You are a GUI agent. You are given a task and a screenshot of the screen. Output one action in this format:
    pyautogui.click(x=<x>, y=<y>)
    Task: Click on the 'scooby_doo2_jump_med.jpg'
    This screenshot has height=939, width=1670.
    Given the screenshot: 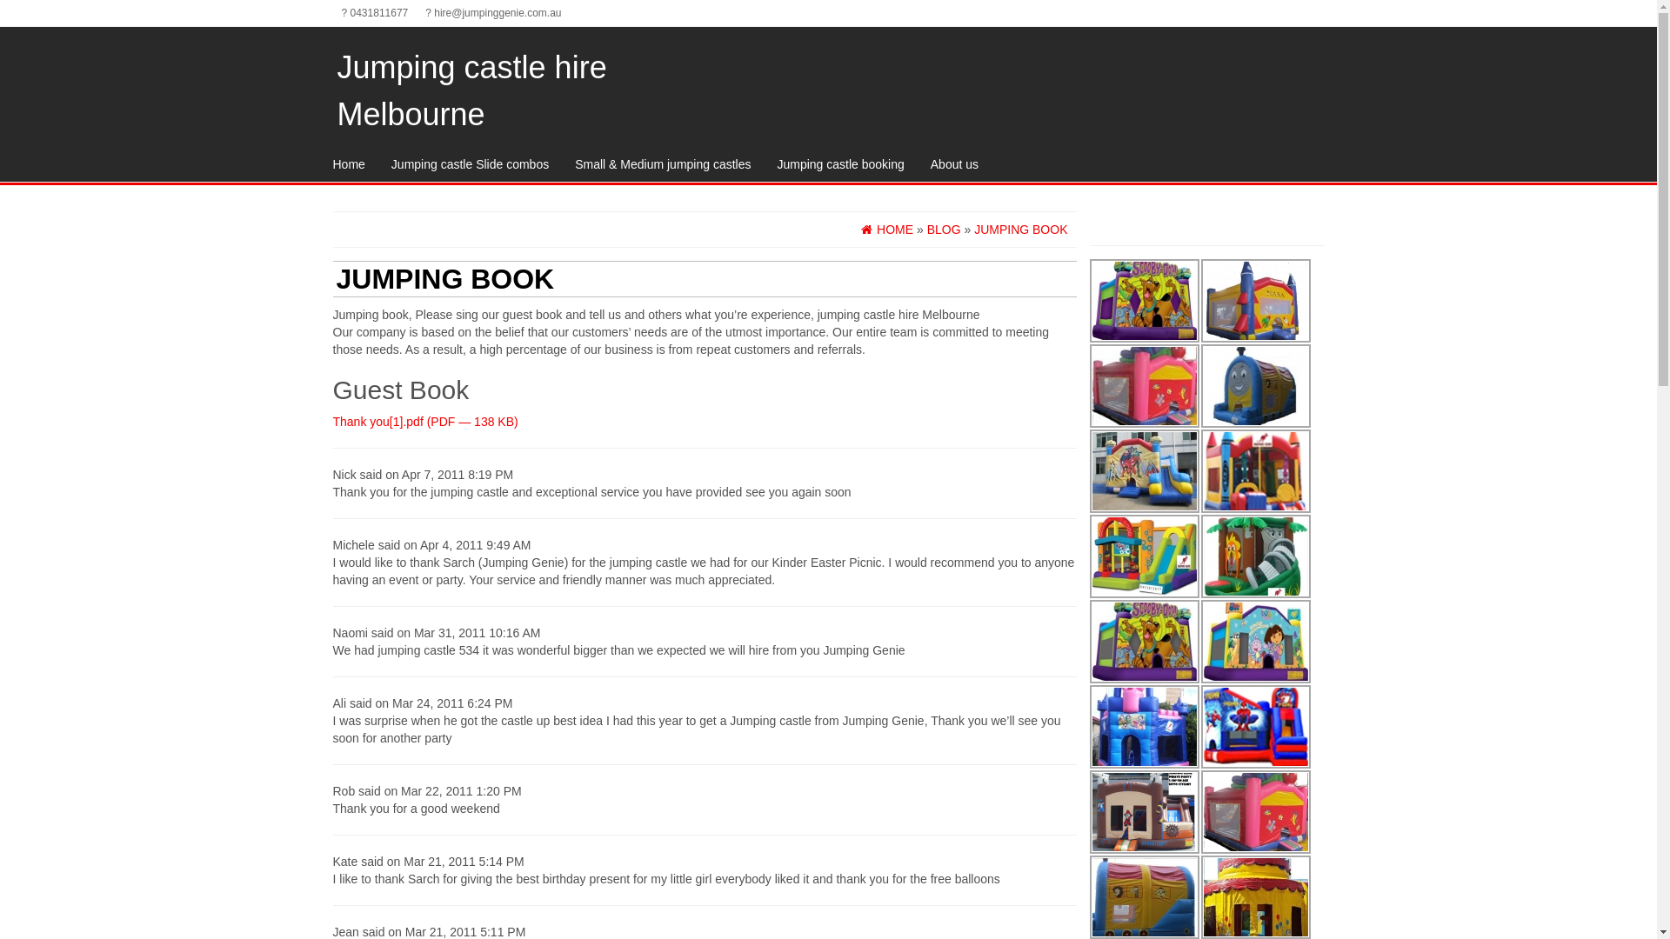 What is the action you would take?
    pyautogui.click(x=1144, y=300)
    